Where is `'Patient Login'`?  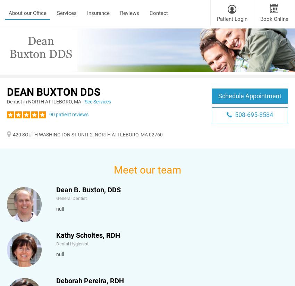
'Patient Login' is located at coordinates (217, 19).